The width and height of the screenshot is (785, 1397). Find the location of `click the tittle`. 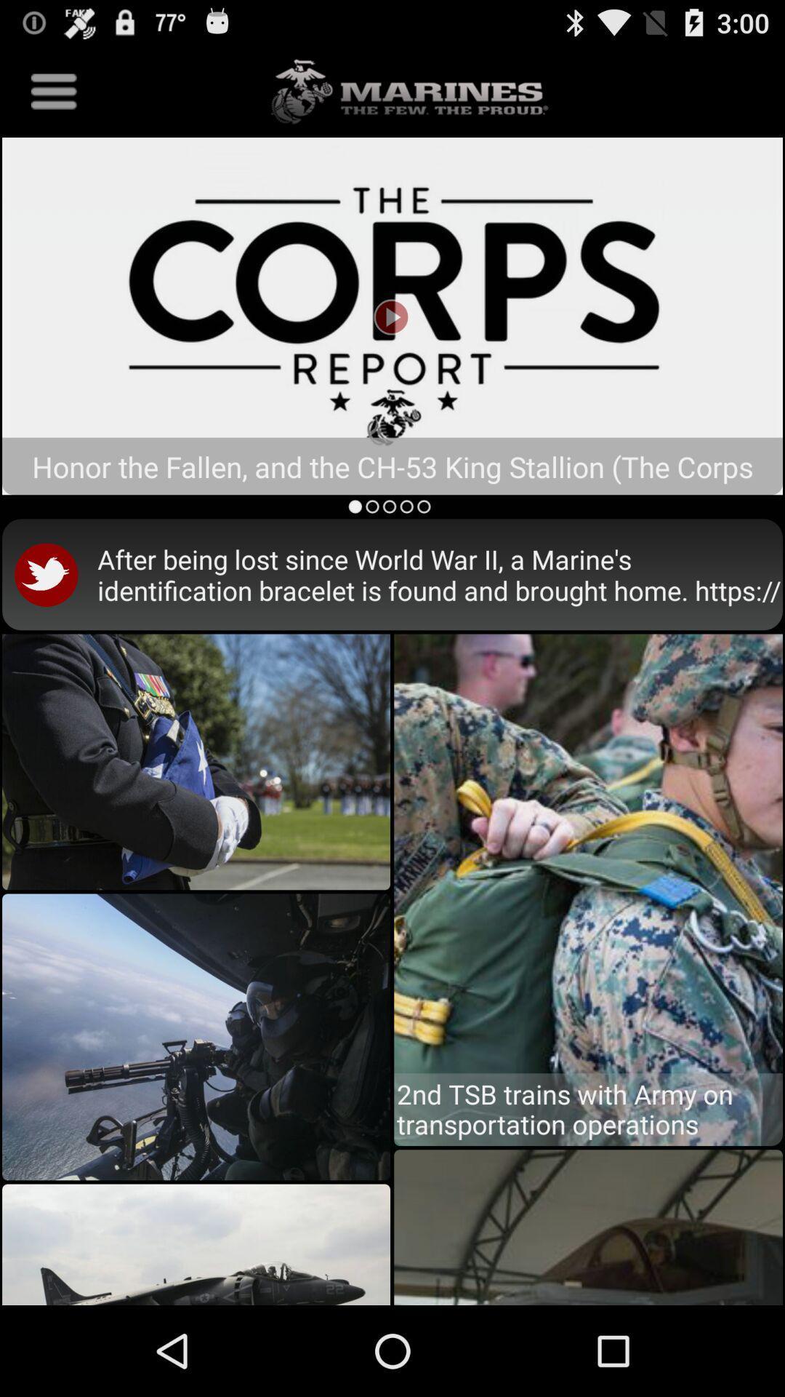

click the tittle is located at coordinates (392, 315).